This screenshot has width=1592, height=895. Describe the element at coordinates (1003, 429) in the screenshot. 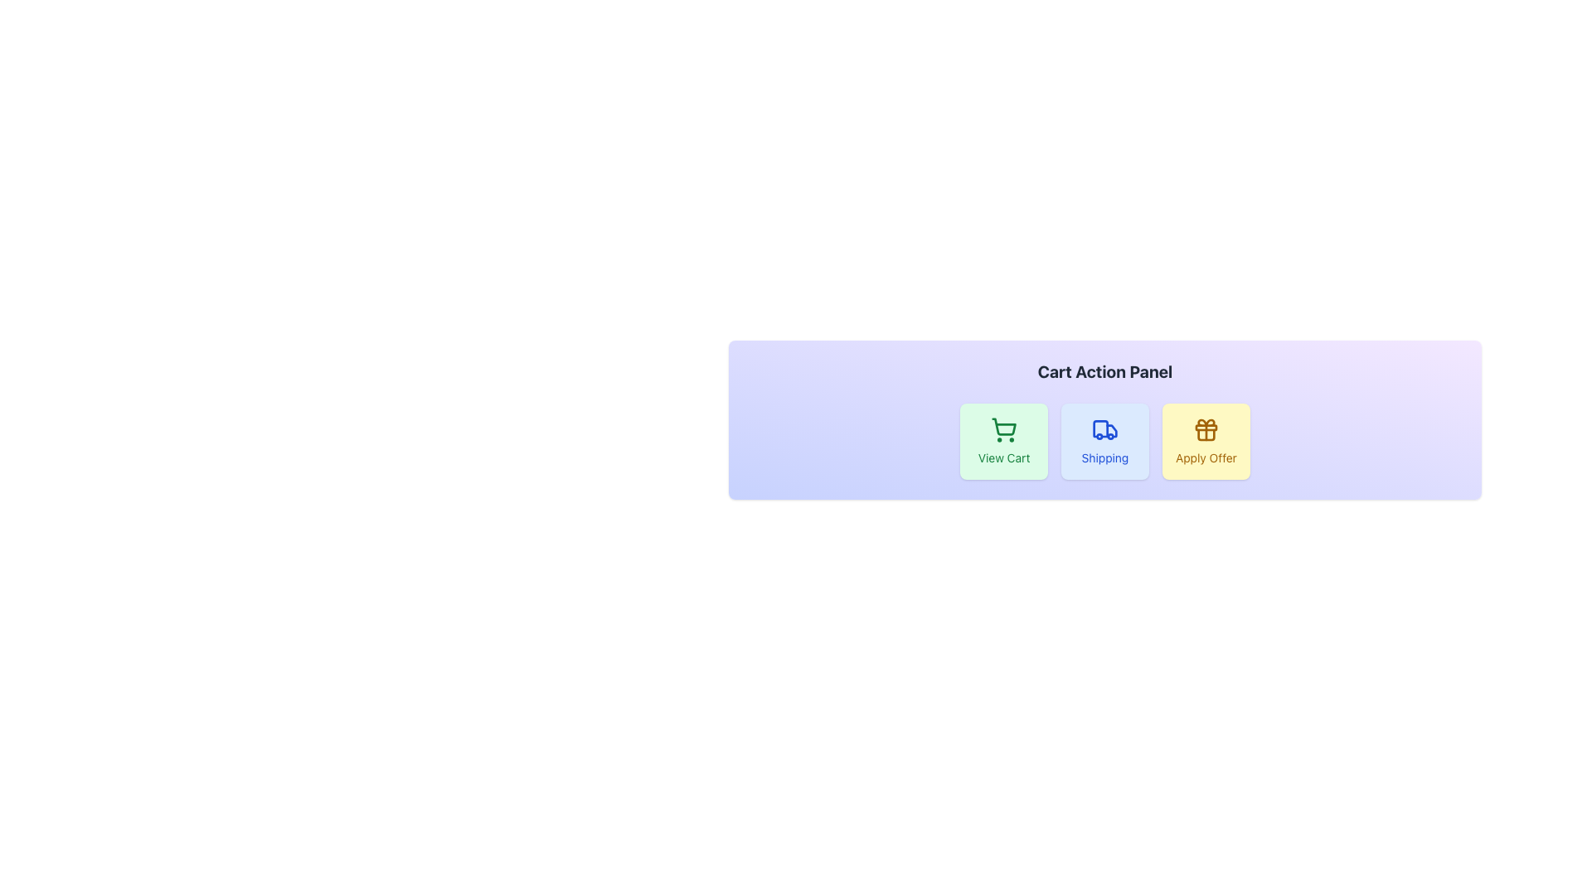

I see `the shopping cart icon with a green stroke located inside the 'View Cart' button in the Cart Action Panel` at that location.